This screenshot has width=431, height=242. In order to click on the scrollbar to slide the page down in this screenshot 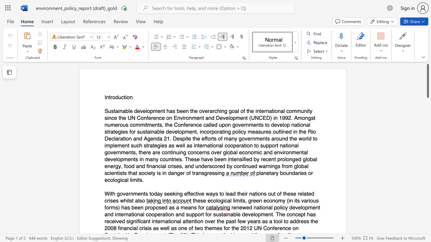, I will do `click(427, 225)`.